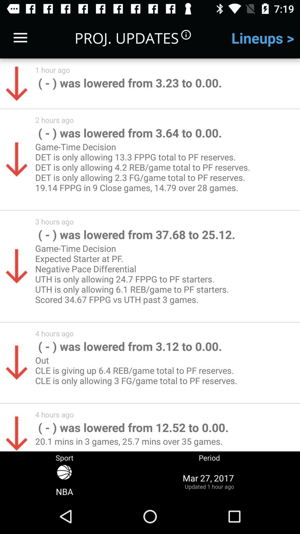 Image resolution: width=300 pixels, height=534 pixels. Describe the element at coordinates (209, 481) in the screenshot. I see `icon next to the sport item` at that location.